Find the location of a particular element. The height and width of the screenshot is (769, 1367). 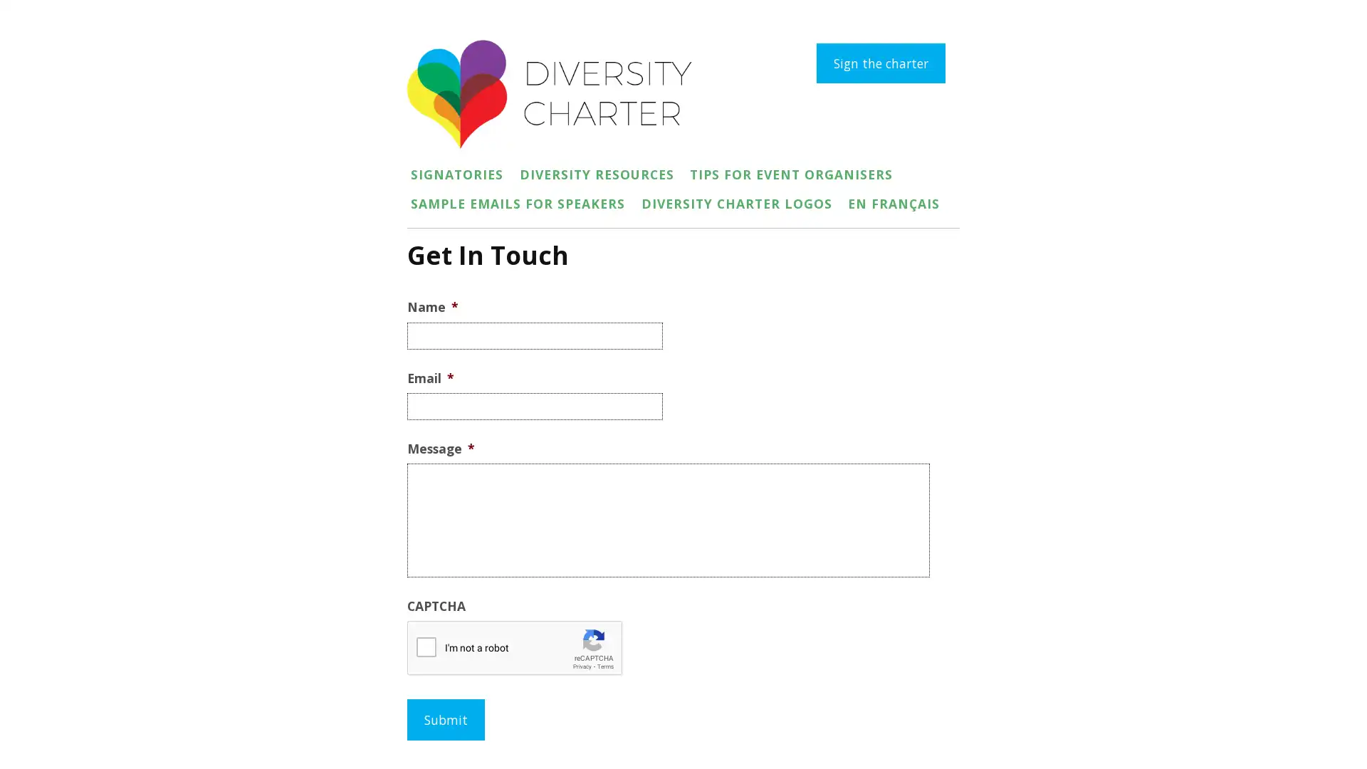

Submit is located at coordinates (445, 719).